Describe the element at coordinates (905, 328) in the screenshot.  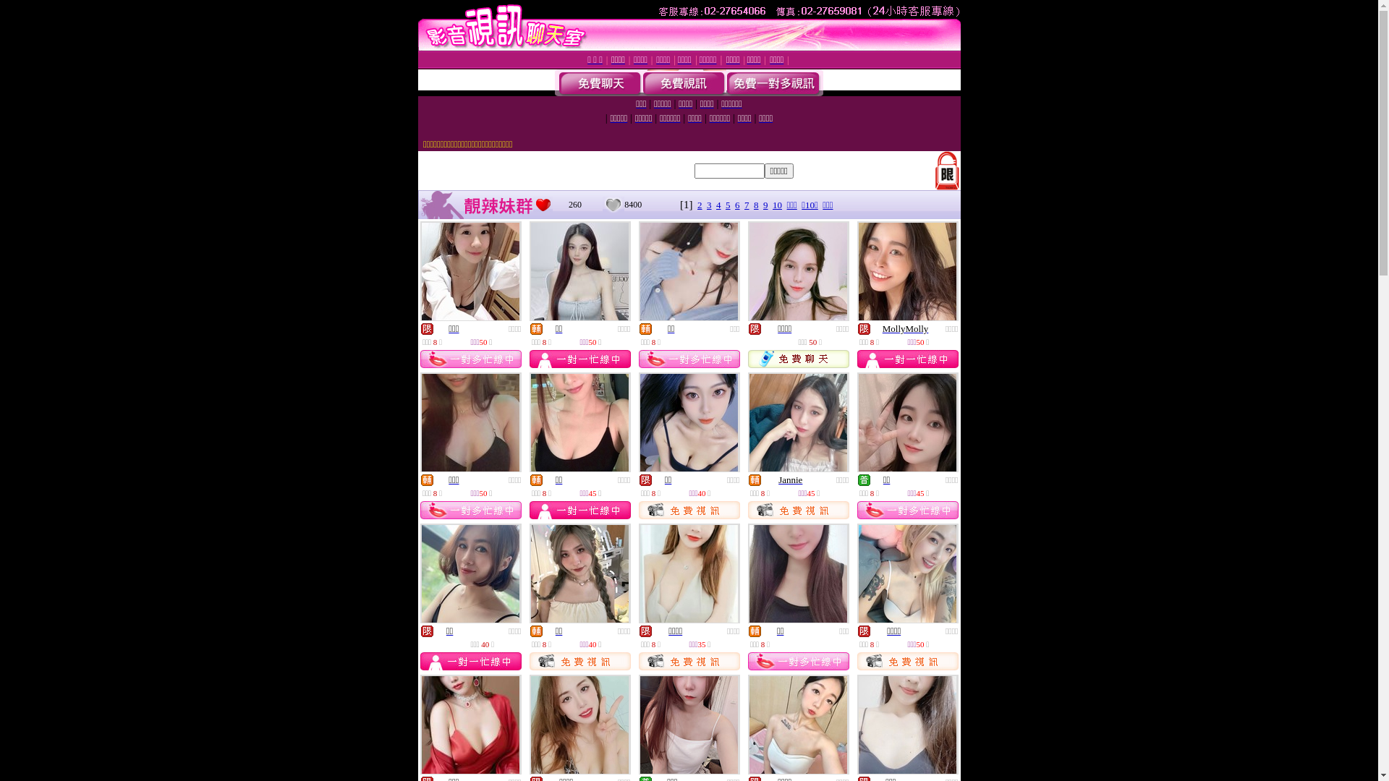
I see `'MollyMolly'` at that location.